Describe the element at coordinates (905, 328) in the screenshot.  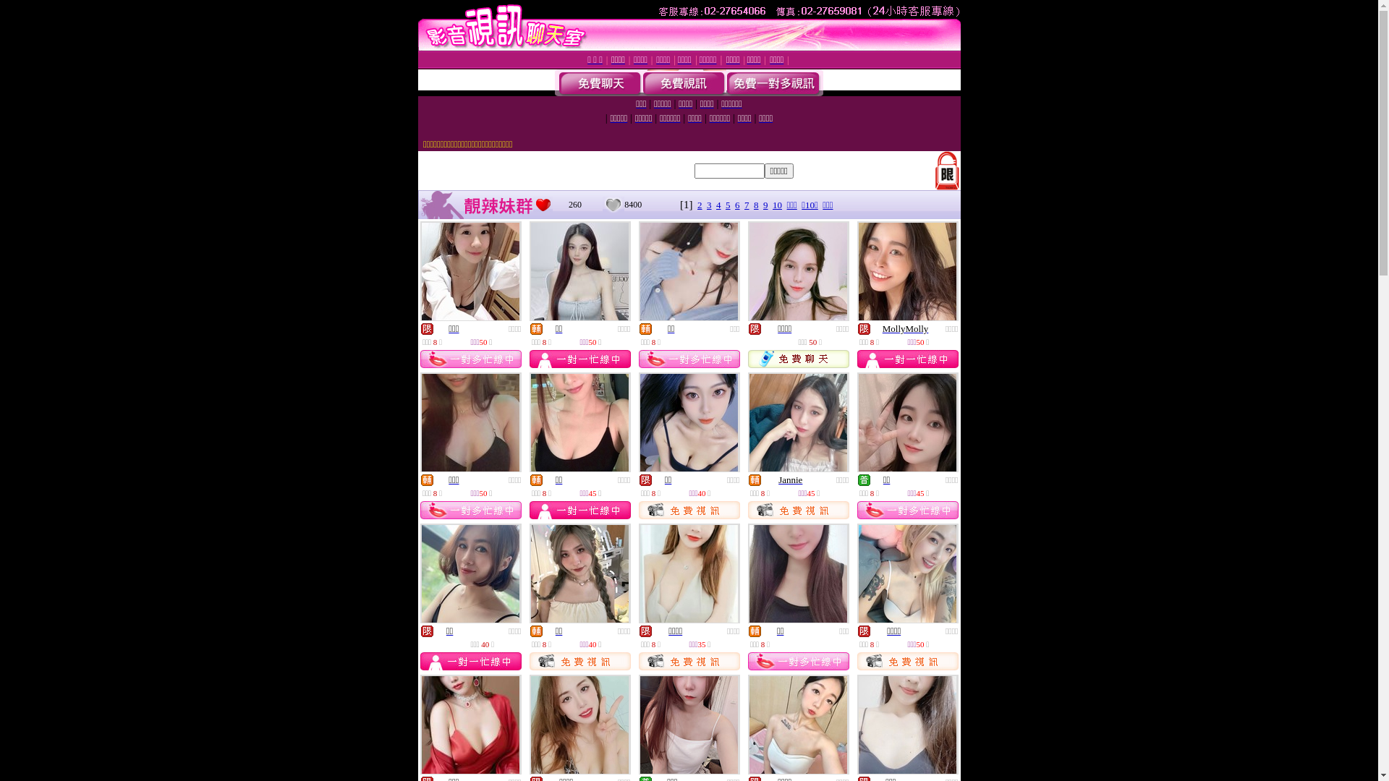
I see `'MollyMolly'` at that location.